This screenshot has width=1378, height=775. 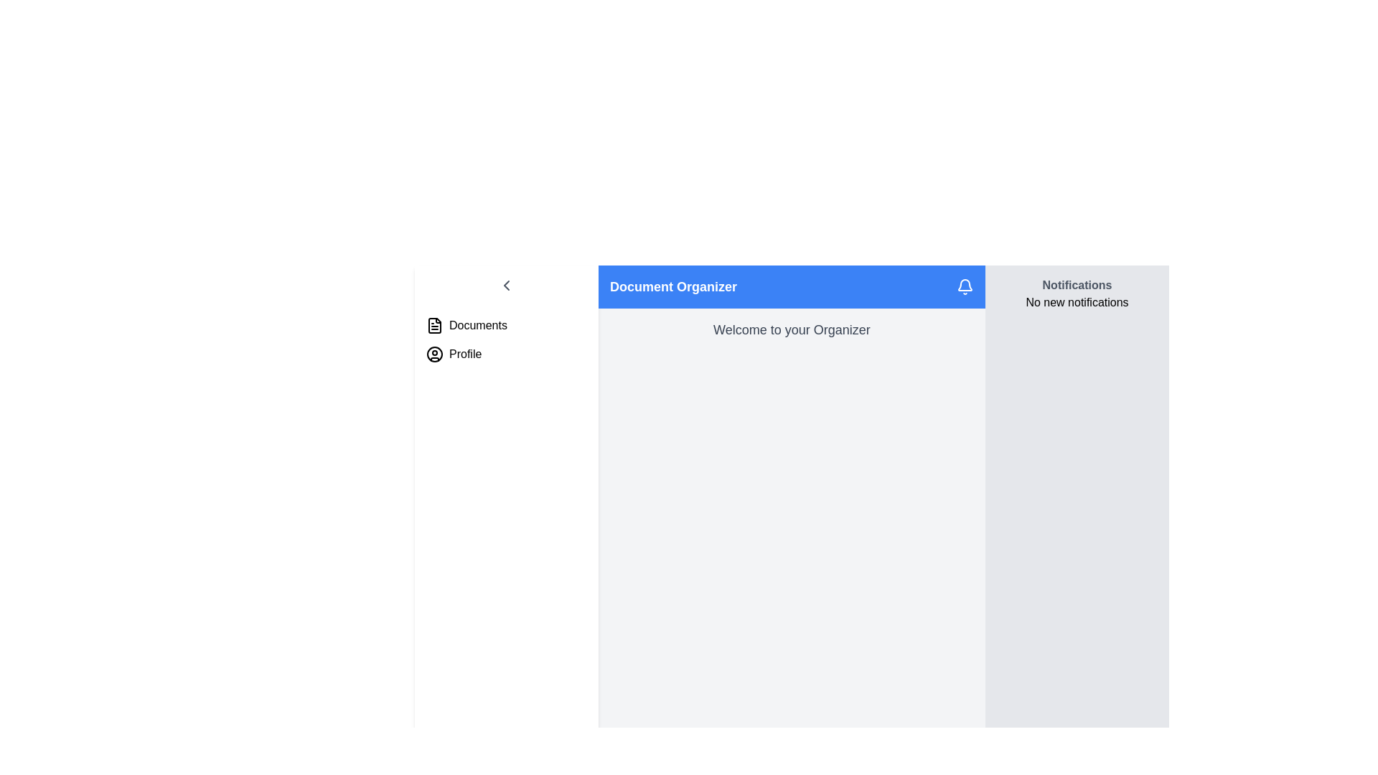 What do you see at coordinates (506, 354) in the screenshot?
I see `the 'Profile' menu item to navigate to the profile section` at bounding box center [506, 354].